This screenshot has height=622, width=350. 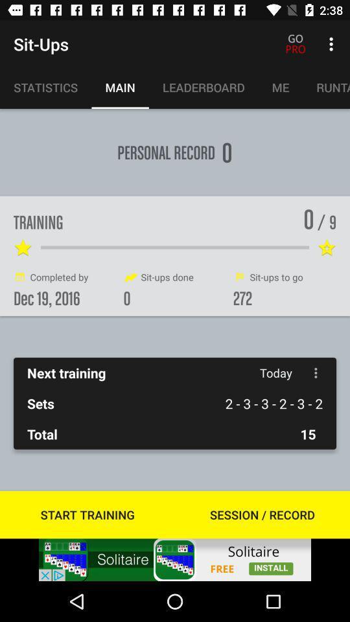 What do you see at coordinates (175, 559) in the screenshot?
I see `advertisement` at bounding box center [175, 559].